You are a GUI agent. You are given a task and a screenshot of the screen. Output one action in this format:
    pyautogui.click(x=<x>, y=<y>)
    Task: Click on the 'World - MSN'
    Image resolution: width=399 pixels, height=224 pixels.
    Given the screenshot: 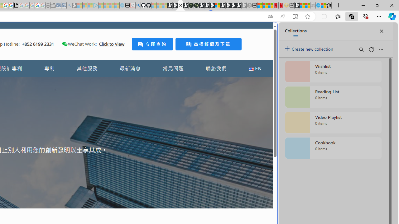 What is the action you would take?
    pyautogui.click(x=302, y=5)
    